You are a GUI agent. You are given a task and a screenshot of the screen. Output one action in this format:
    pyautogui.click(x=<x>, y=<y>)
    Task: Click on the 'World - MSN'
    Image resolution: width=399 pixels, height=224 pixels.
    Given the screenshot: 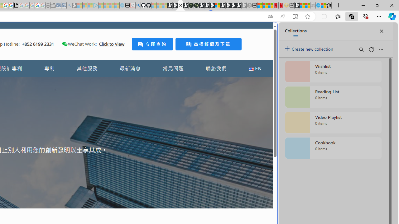 What is the action you would take?
    pyautogui.click(x=302, y=5)
    